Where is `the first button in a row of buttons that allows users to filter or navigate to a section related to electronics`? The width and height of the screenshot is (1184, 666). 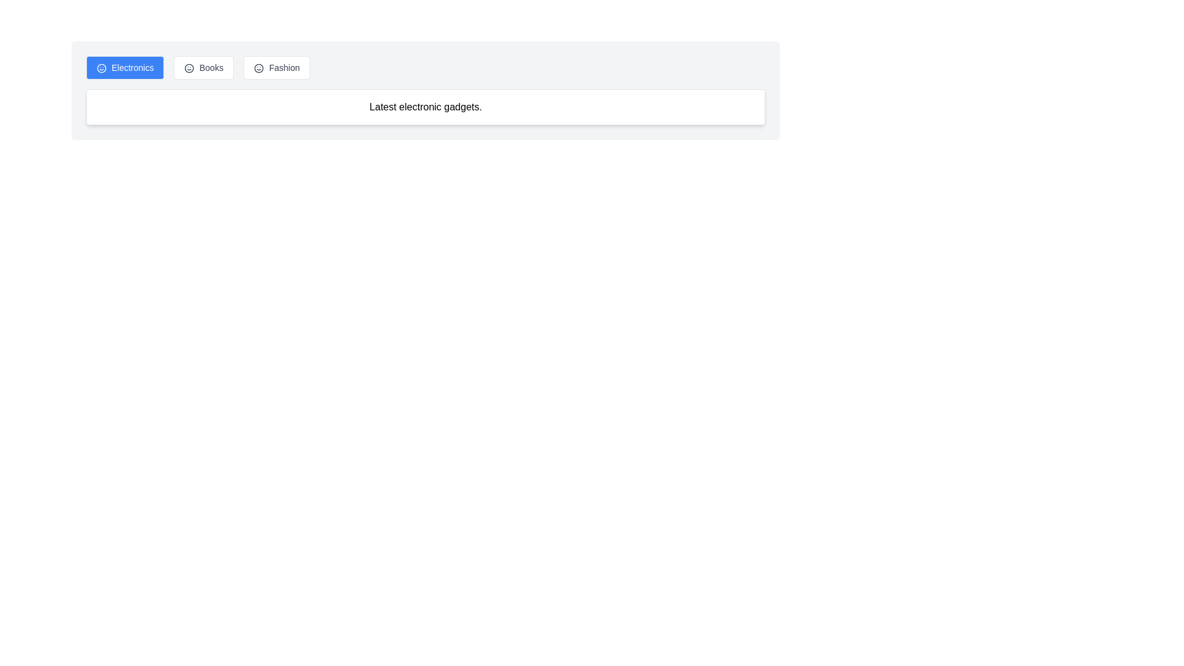 the first button in a row of buttons that allows users to filter or navigate to a section related to electronics is located at coordinates (125, 68).